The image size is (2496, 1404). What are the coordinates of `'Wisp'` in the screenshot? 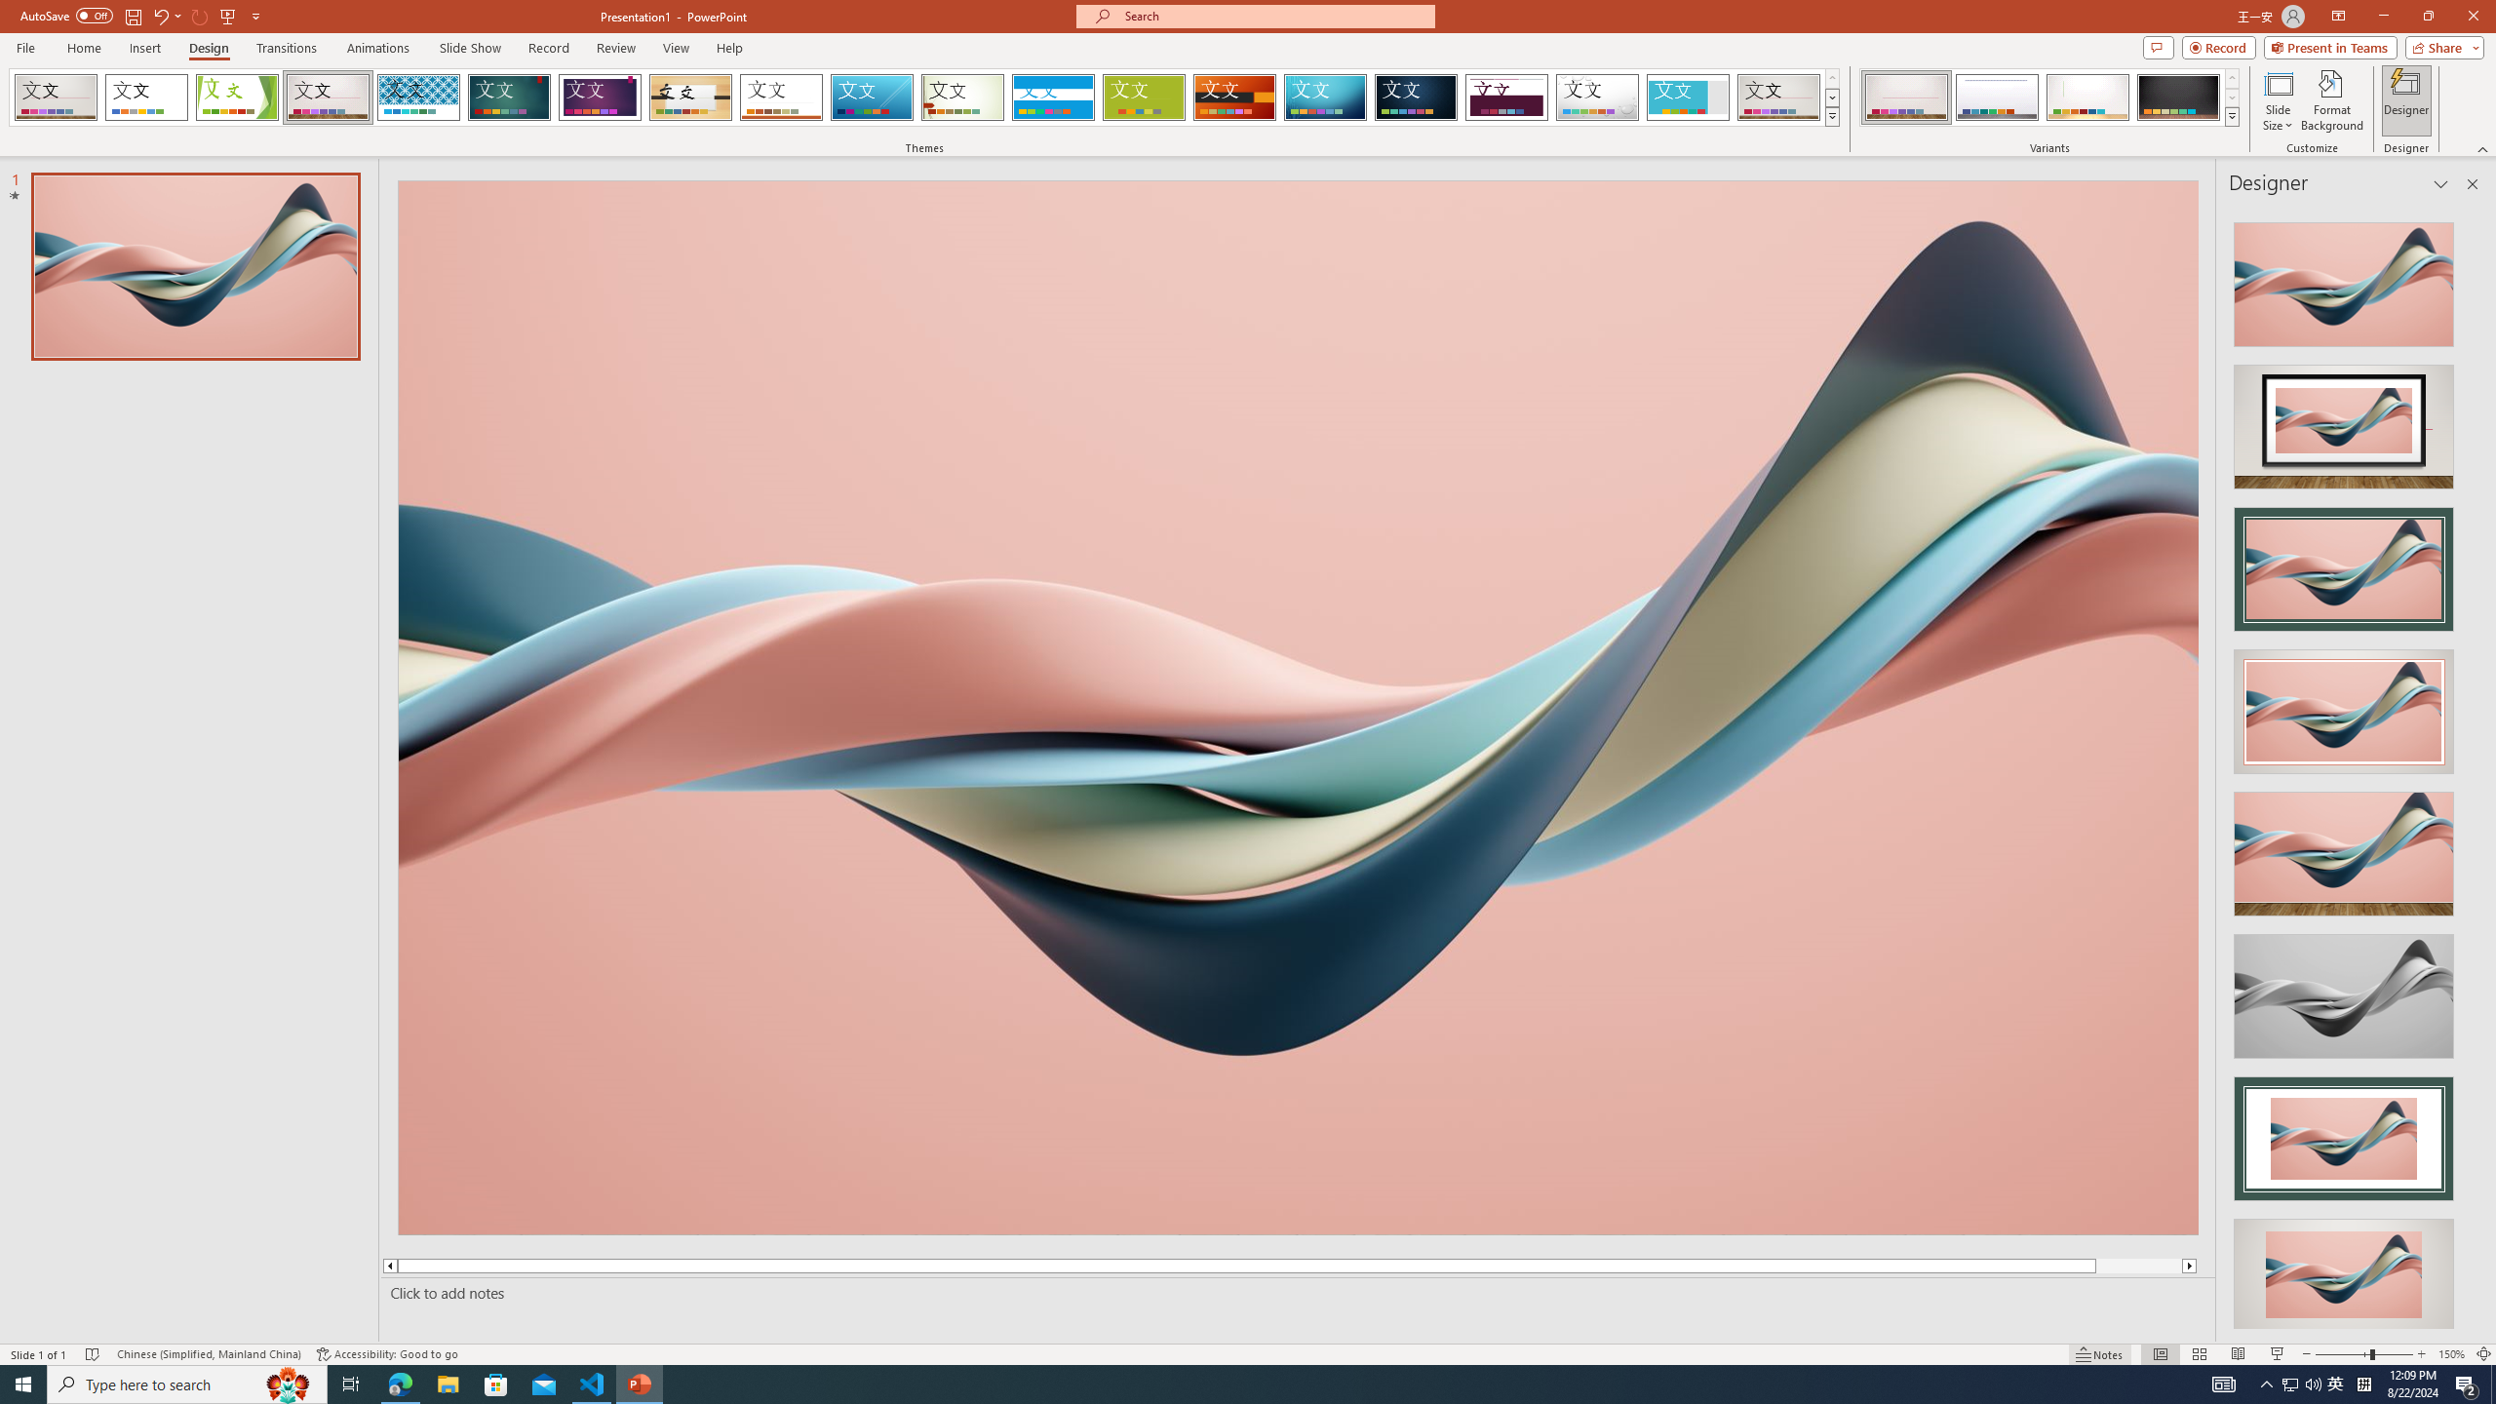 It's located at (962, 97).